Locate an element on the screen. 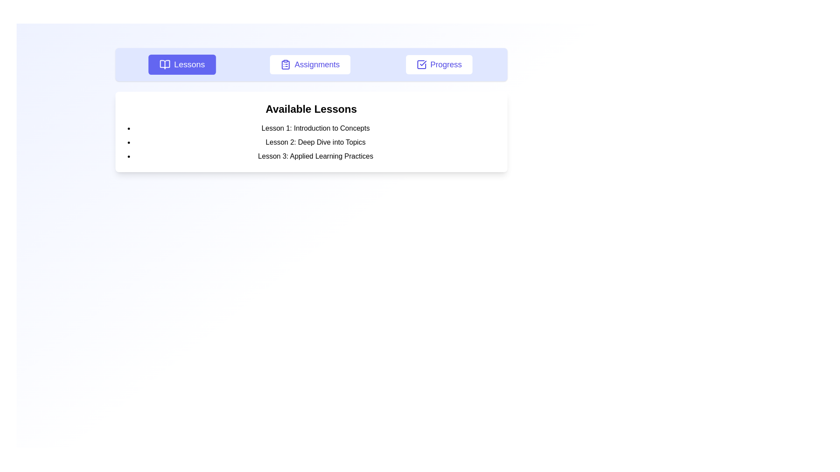 This screenshot has height=472, width=840. the leftmost navigation button labeled 'Lessons' is located at coordinates (182, 64).